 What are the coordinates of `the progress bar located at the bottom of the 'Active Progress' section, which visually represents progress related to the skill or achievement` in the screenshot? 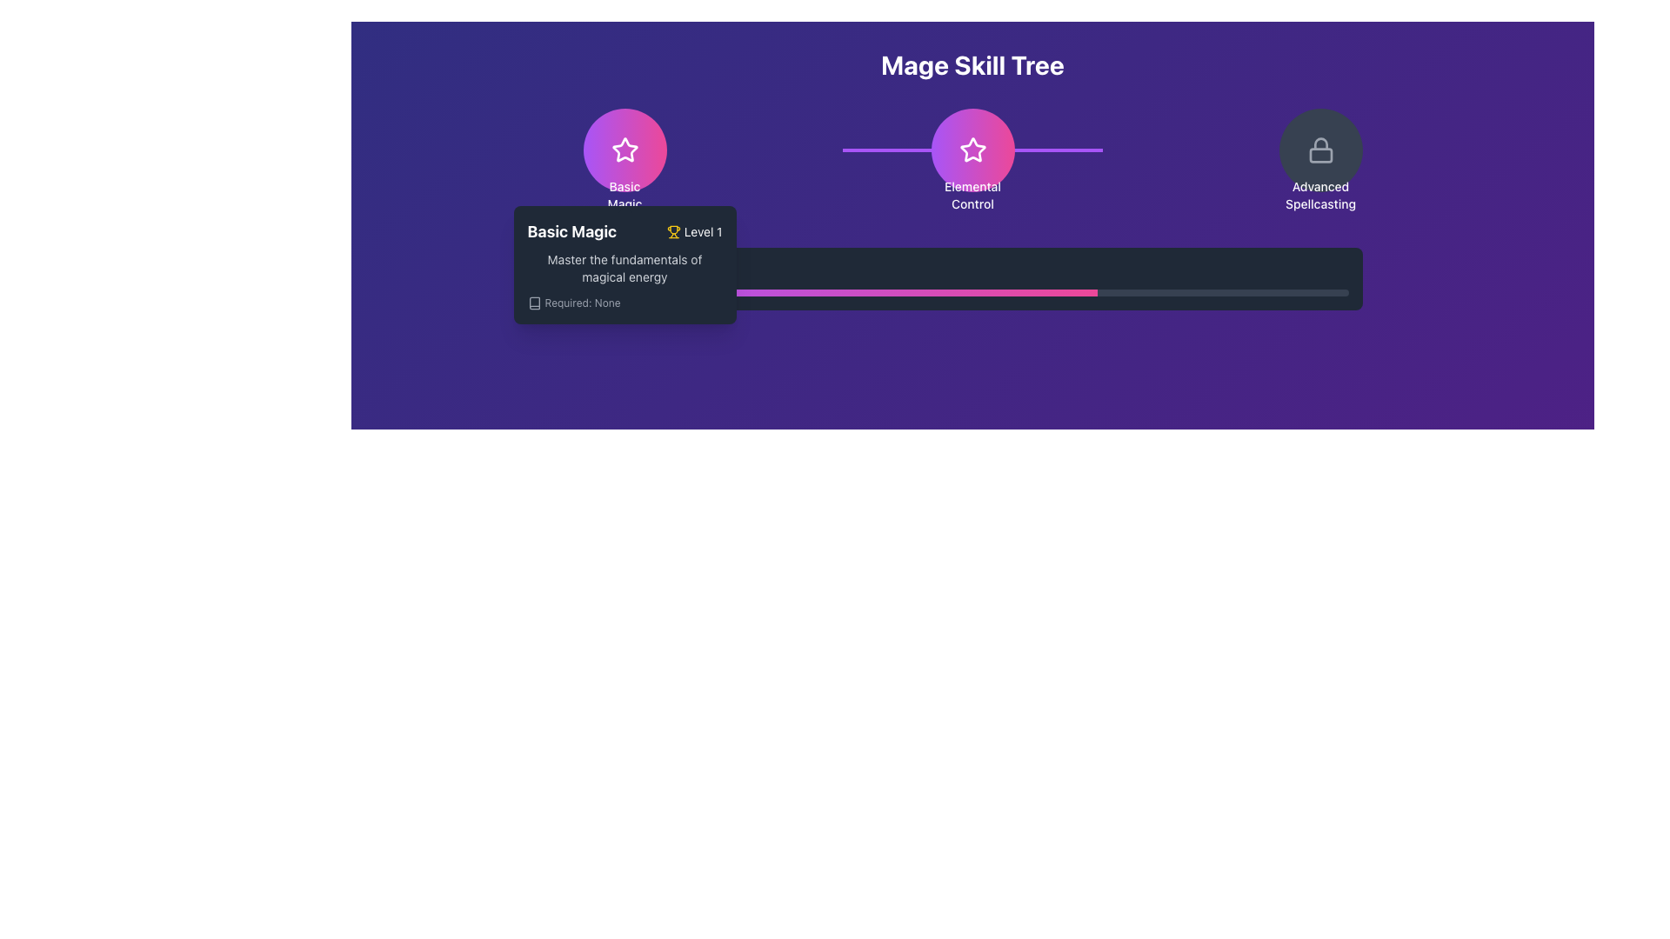 It's located at (972, 277).